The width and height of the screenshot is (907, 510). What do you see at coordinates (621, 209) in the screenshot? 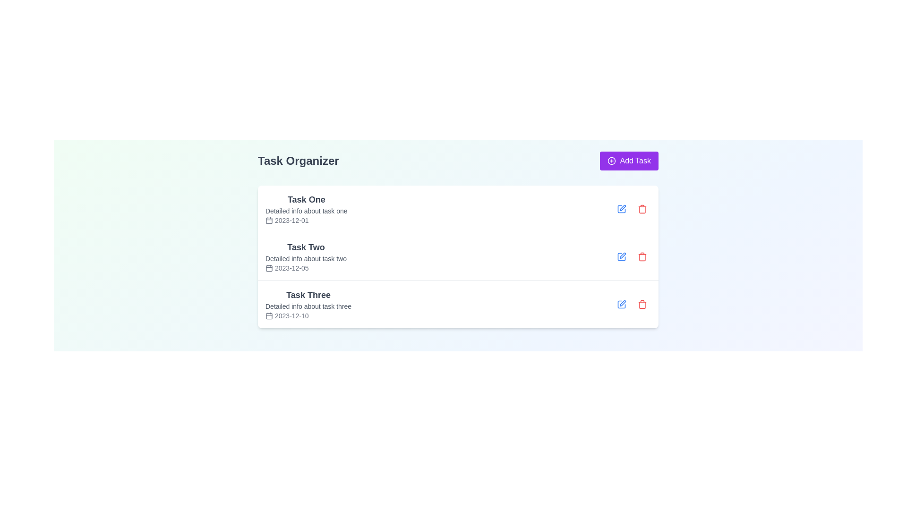
I see `the edit icon button for 'Task One'` at bounding box center [621, 209].